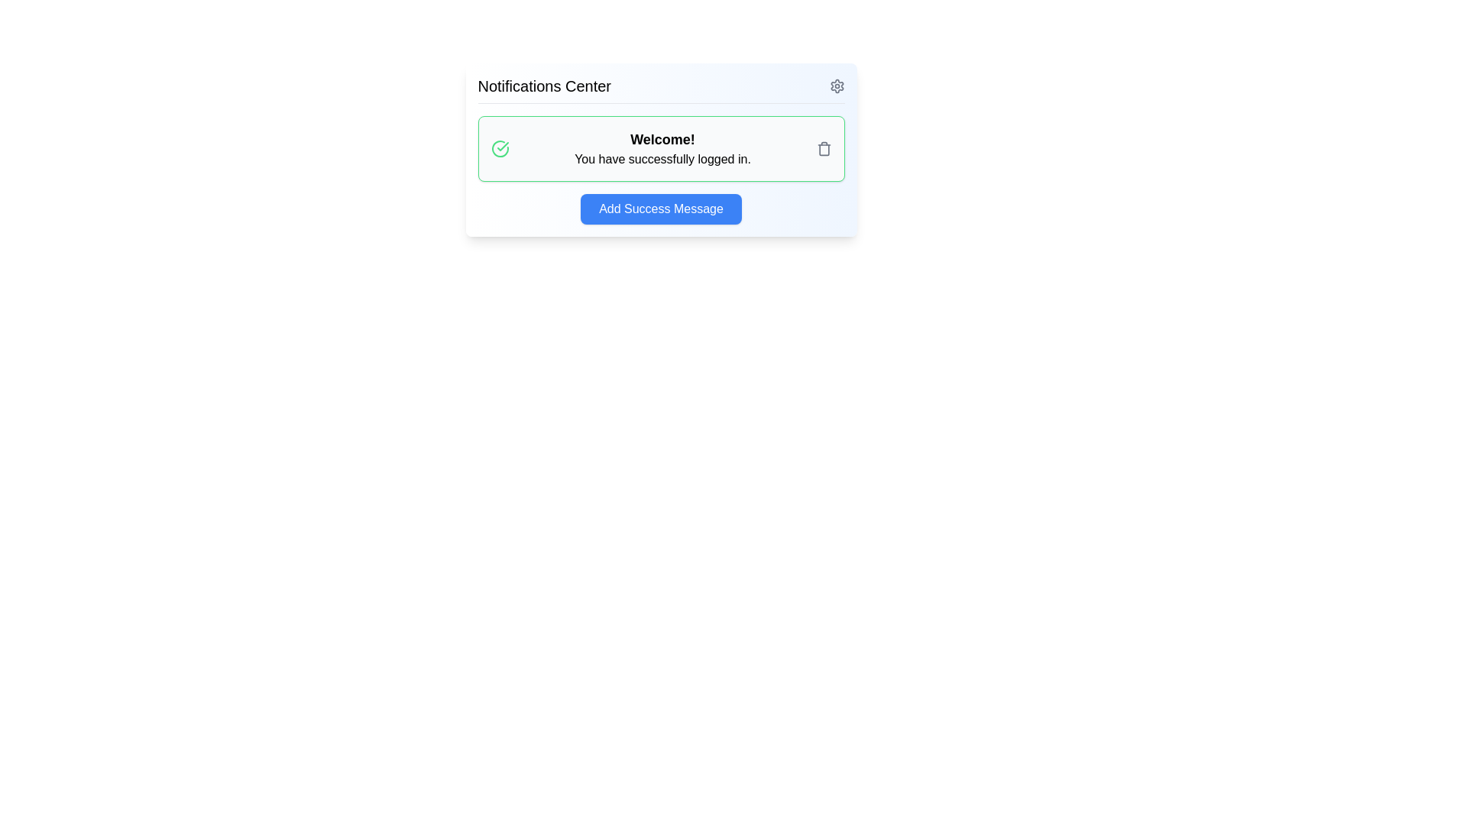 This screenshot has width=1467, height=825. Describe the element at coordinates (661, 149) in the screenshot. I see `message notification confirming successful login, located in the Notifications Center just below the title and above the 'Add Success Message' button` at that location.